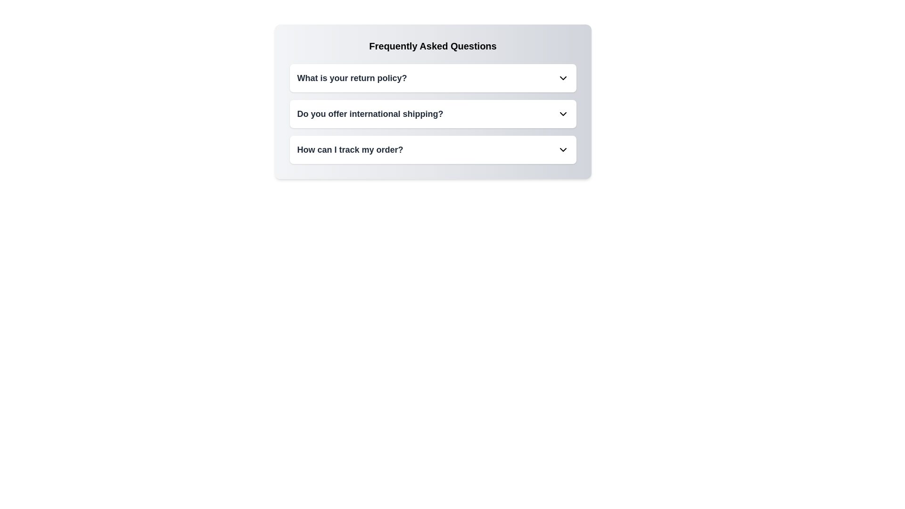  I want to click on the chevron icon to toggle the visibility of the FAQ item corresponding to Do you offer international shipping?, so click(563, 114).